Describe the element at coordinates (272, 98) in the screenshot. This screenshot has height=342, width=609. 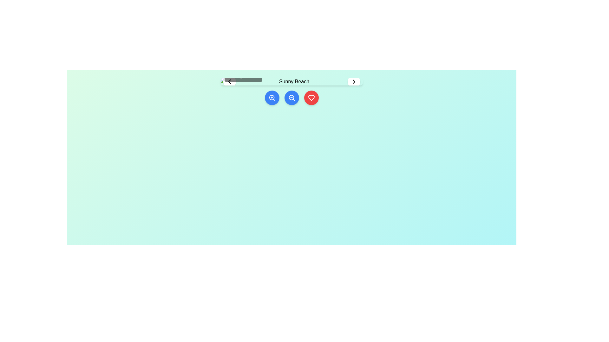
I see `the circular blue button with a white magnifying glass icon below the 'Sunny Beach' label` at that location.